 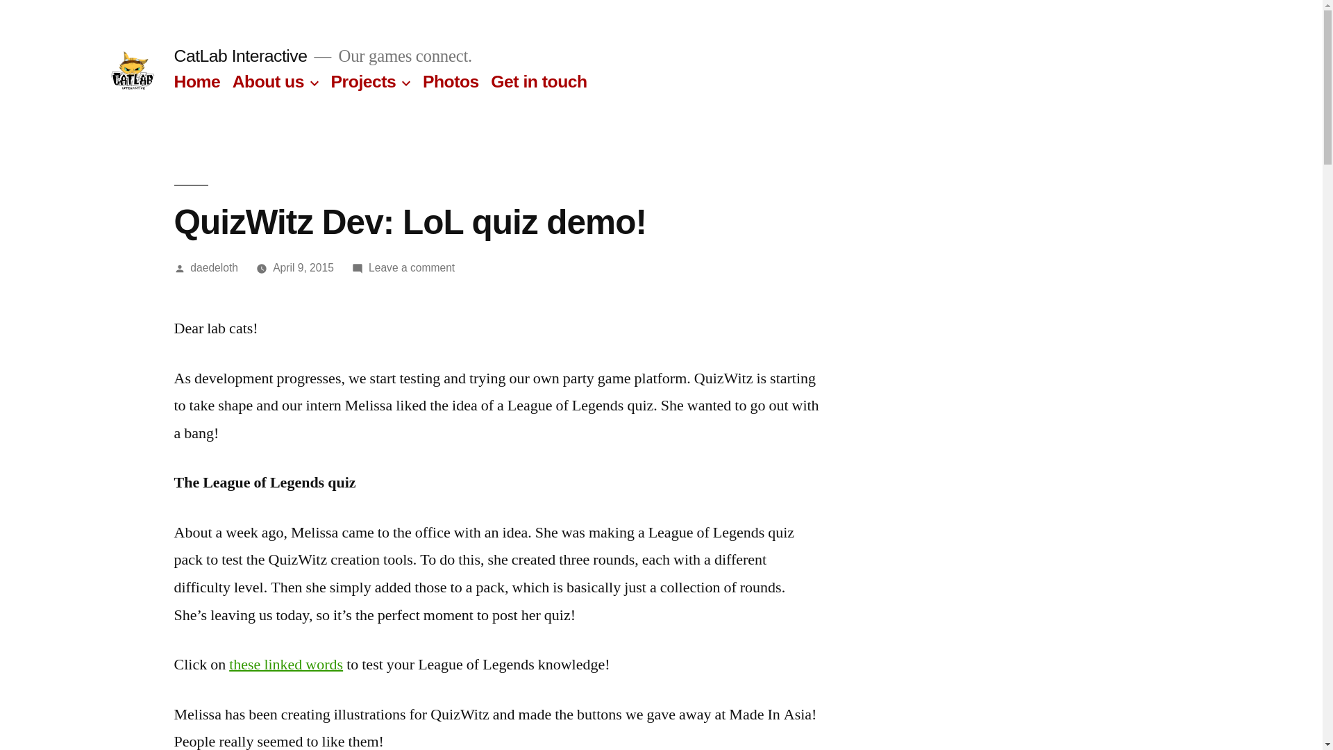 I want to click on 'daedeloth', so click(x=213, y=267).